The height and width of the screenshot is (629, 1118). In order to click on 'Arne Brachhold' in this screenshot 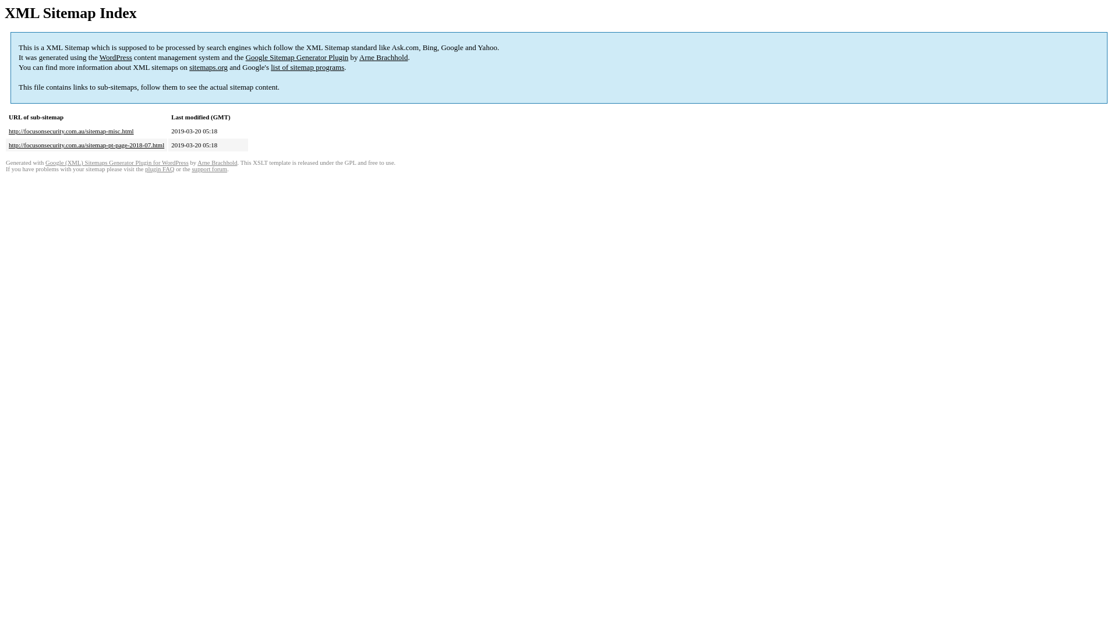, I will do `click(217, 162)`.